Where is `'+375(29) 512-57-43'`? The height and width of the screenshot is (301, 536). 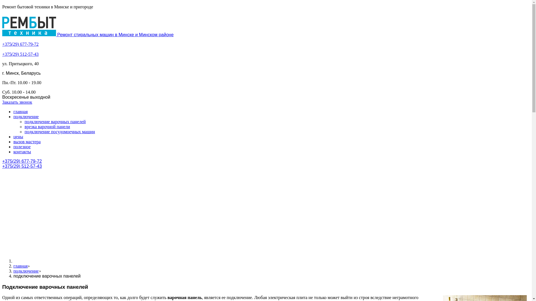 '+375(29) 512-57-43' is located at coordinates (22, 166).